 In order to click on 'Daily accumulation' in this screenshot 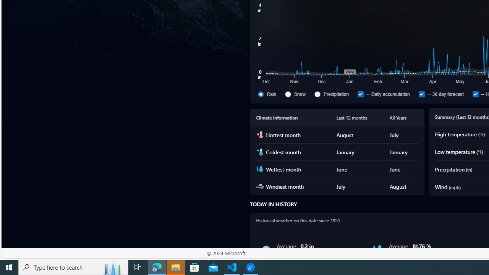, I will do `click(386, 94)`.